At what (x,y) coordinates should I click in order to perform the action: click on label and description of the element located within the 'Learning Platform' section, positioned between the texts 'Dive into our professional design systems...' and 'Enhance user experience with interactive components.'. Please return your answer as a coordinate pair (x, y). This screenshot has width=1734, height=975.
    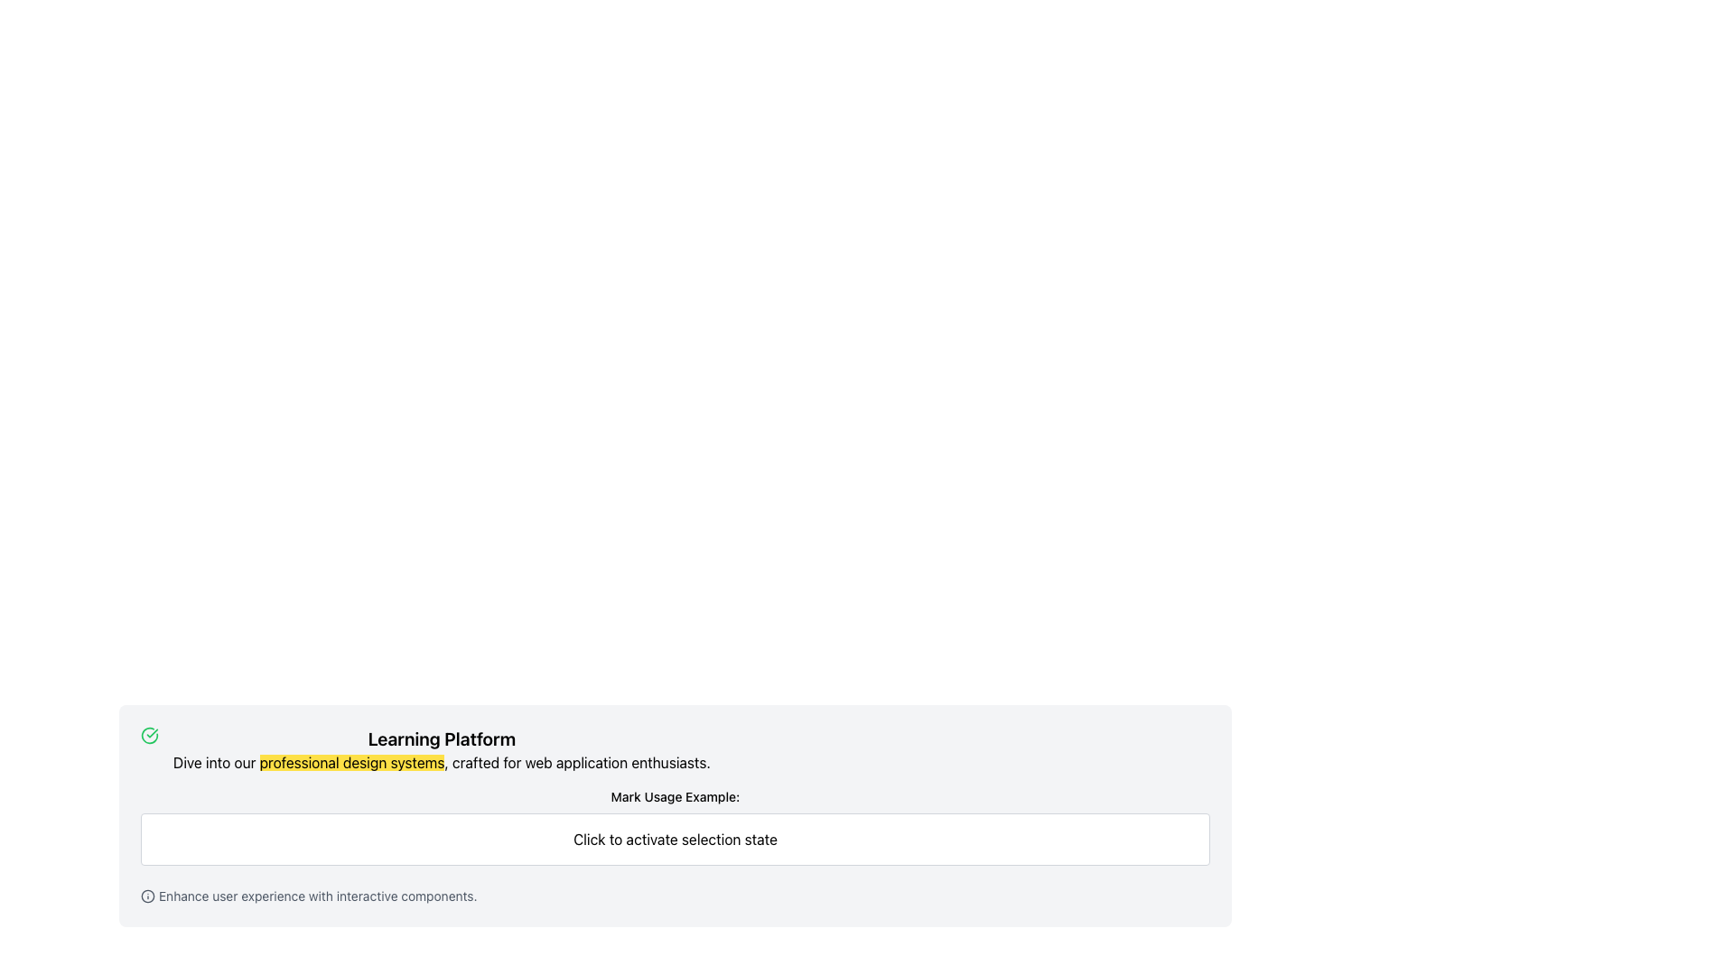
    Looking at the image, I should click on (675, 826).